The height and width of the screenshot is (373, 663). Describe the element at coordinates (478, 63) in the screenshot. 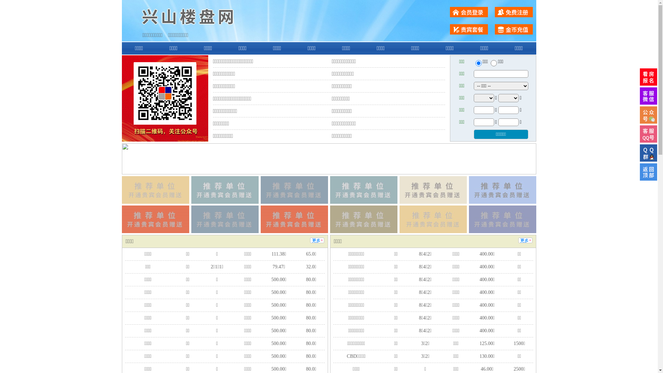

I see `'ershou'` at that location.